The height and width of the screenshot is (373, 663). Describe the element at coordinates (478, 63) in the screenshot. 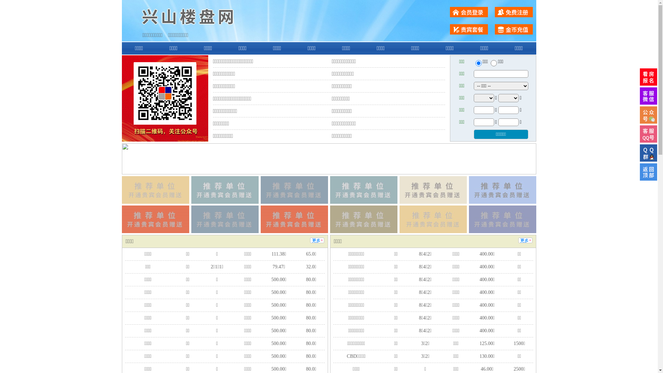

I see `'ershou'` at that location.